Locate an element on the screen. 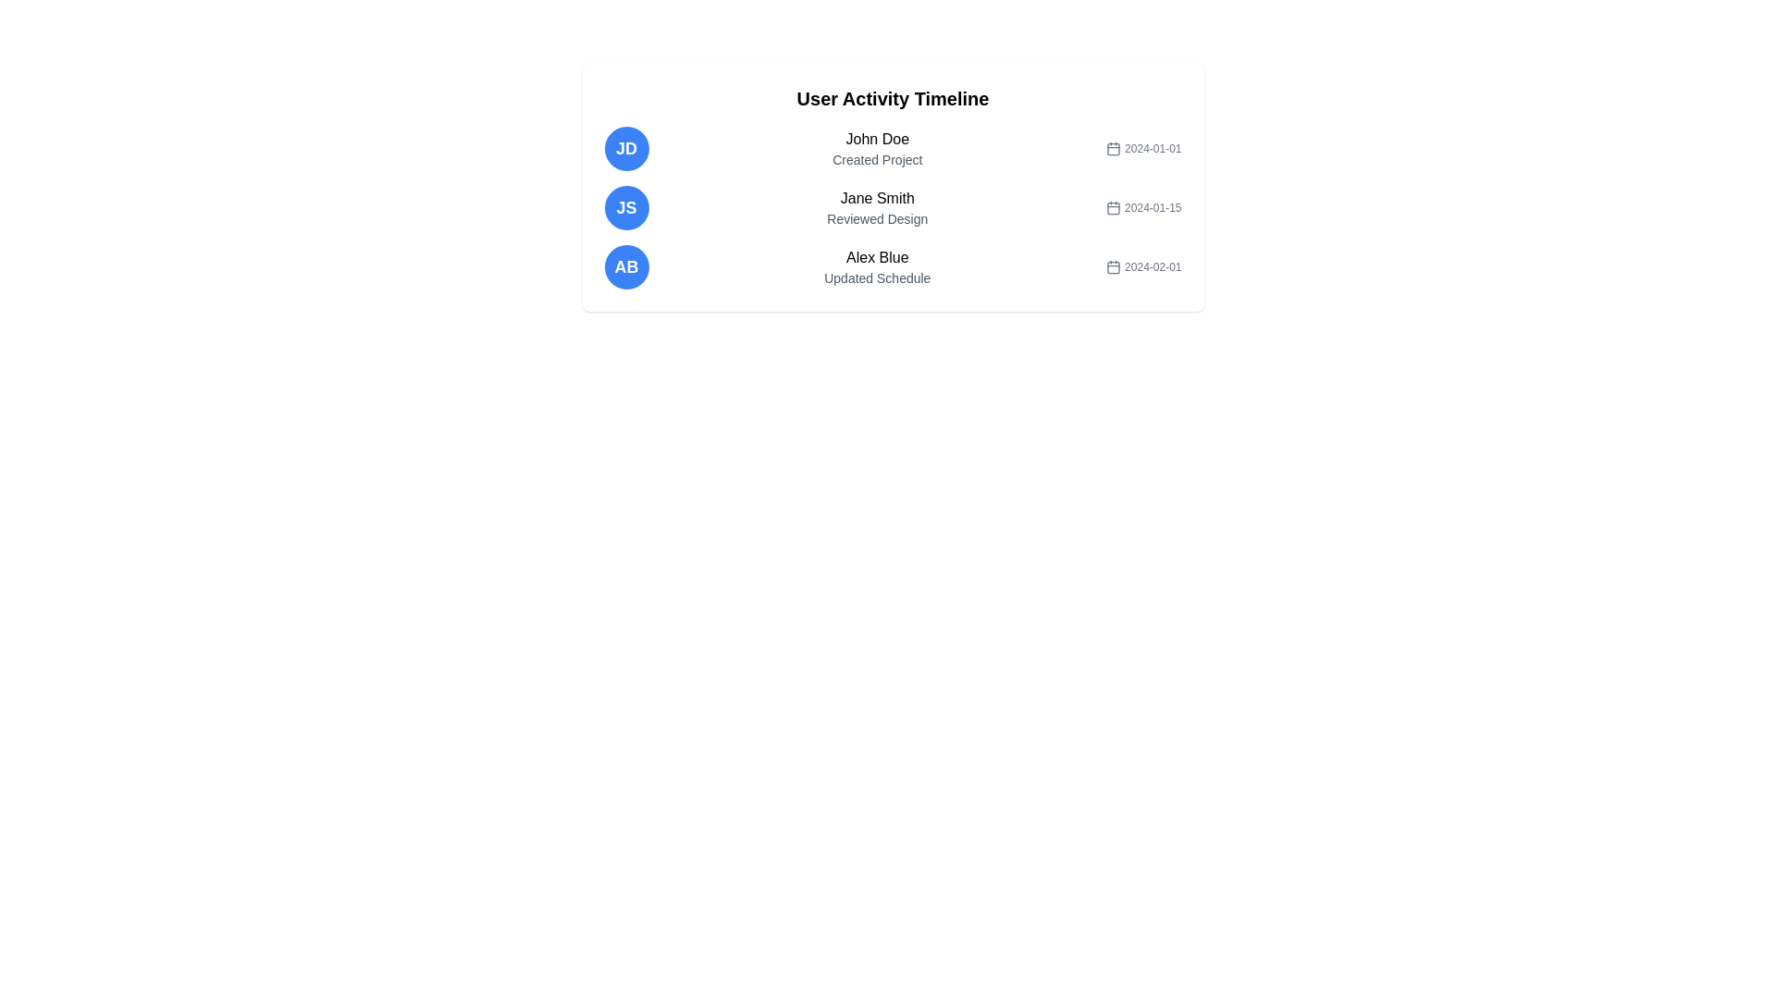 The image size is (1776, 999). the text label indicating the date '2024-02-01' for the 'Updated Schedule' activity of 'Alex Blue', located at the far right of the bottom-most row in the activity list is located at coordinates (1142, 267).